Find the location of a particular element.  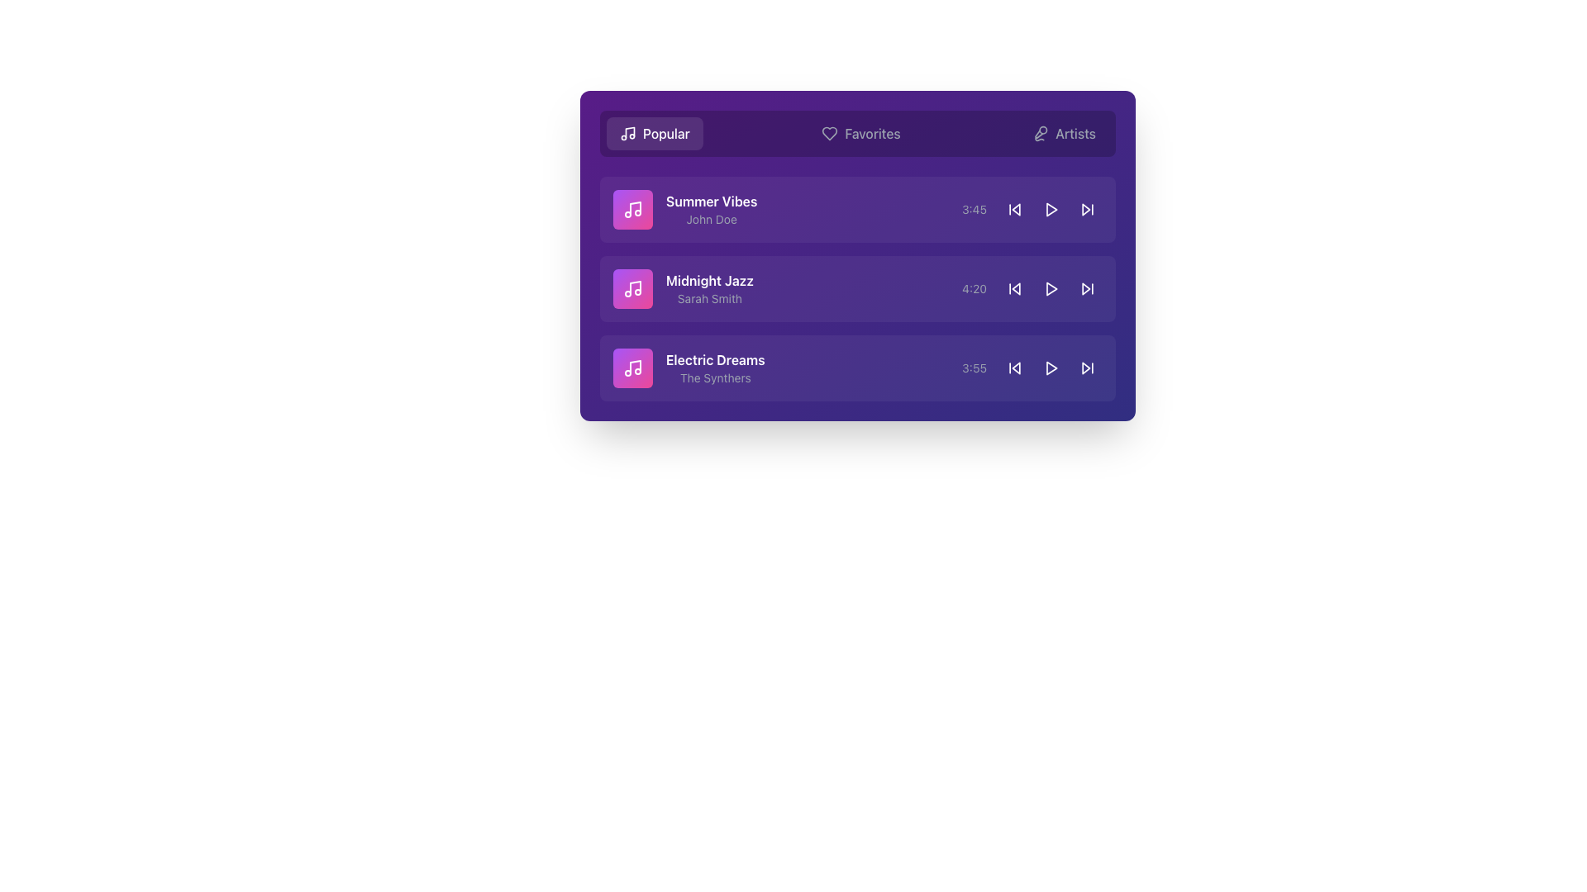

the label 'Popular' which is centrally positioned in the leftmost item of the navigation bar at the top of the visible area is located at coordinates (666, 133).